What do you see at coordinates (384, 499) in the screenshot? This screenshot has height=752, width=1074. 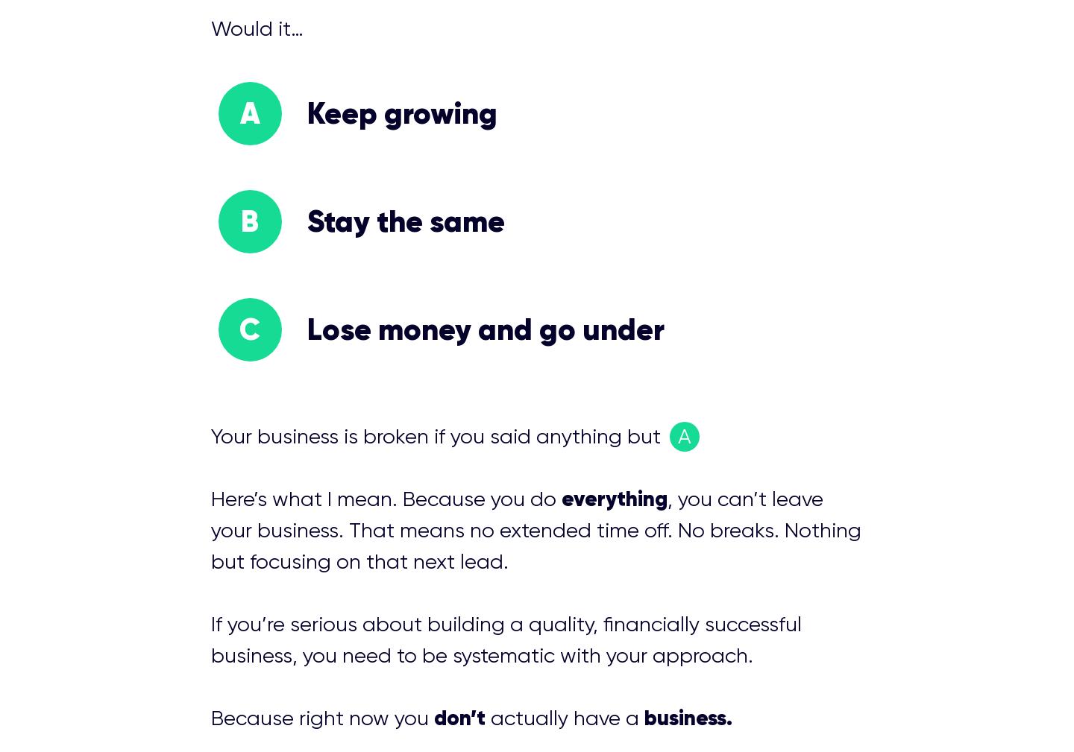 I see `'Here’s what I mean. Because you do'` at bounding box center [384, 499].